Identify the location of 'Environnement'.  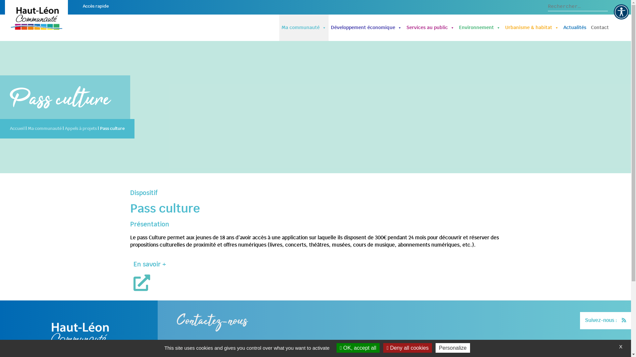
(480, 27).